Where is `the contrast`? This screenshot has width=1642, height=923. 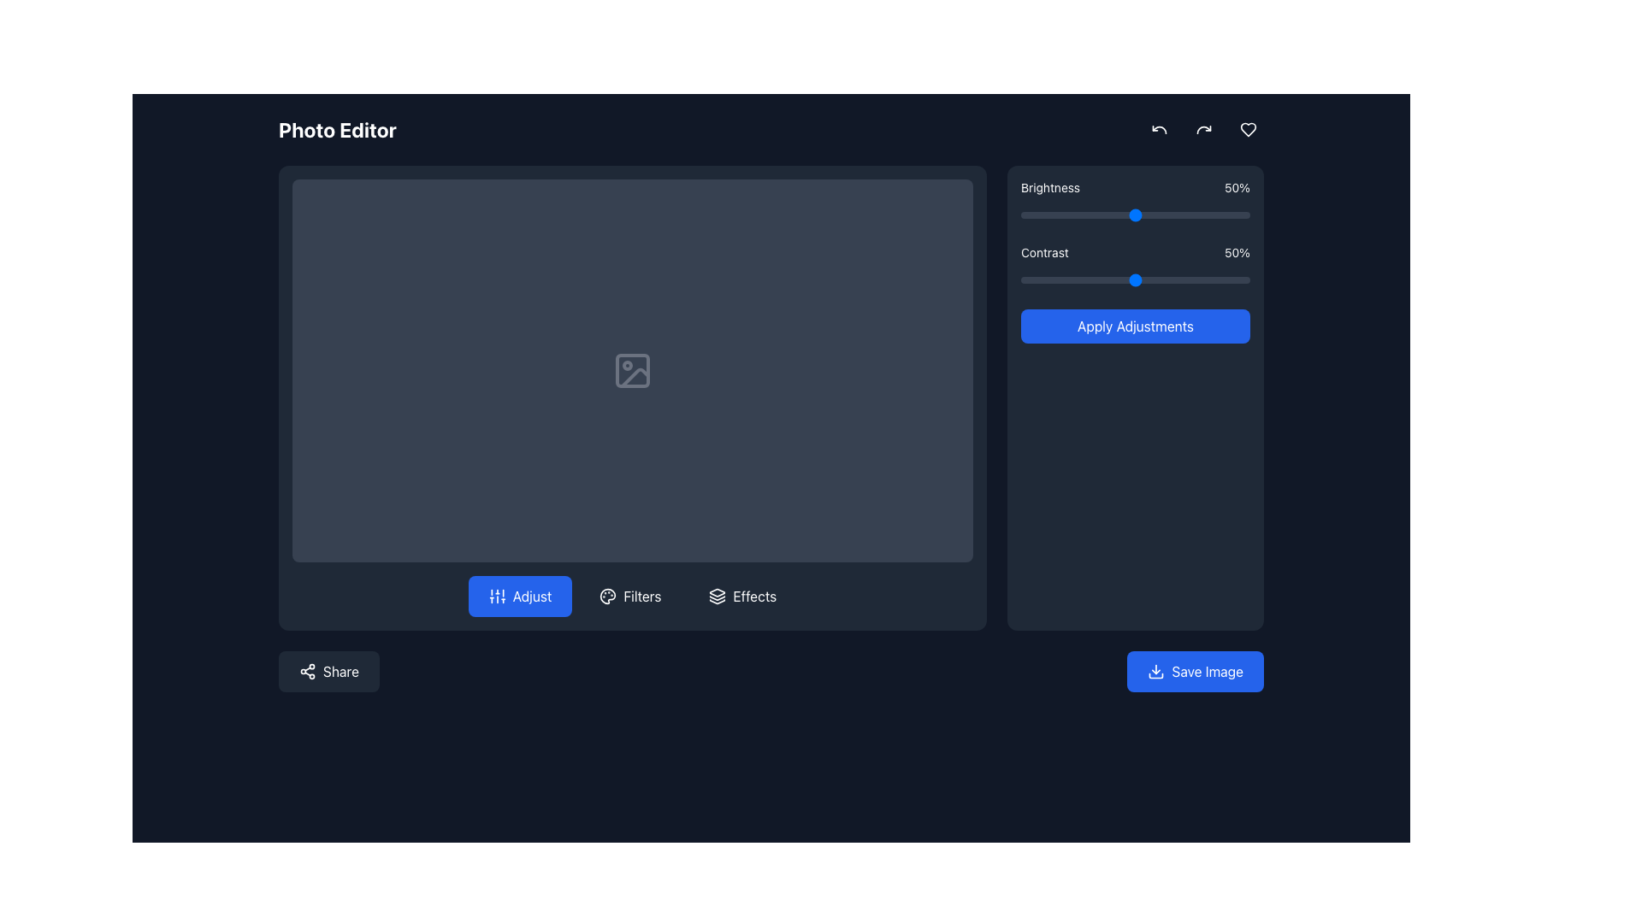 the contrast is located at coordinates (1029, 279).